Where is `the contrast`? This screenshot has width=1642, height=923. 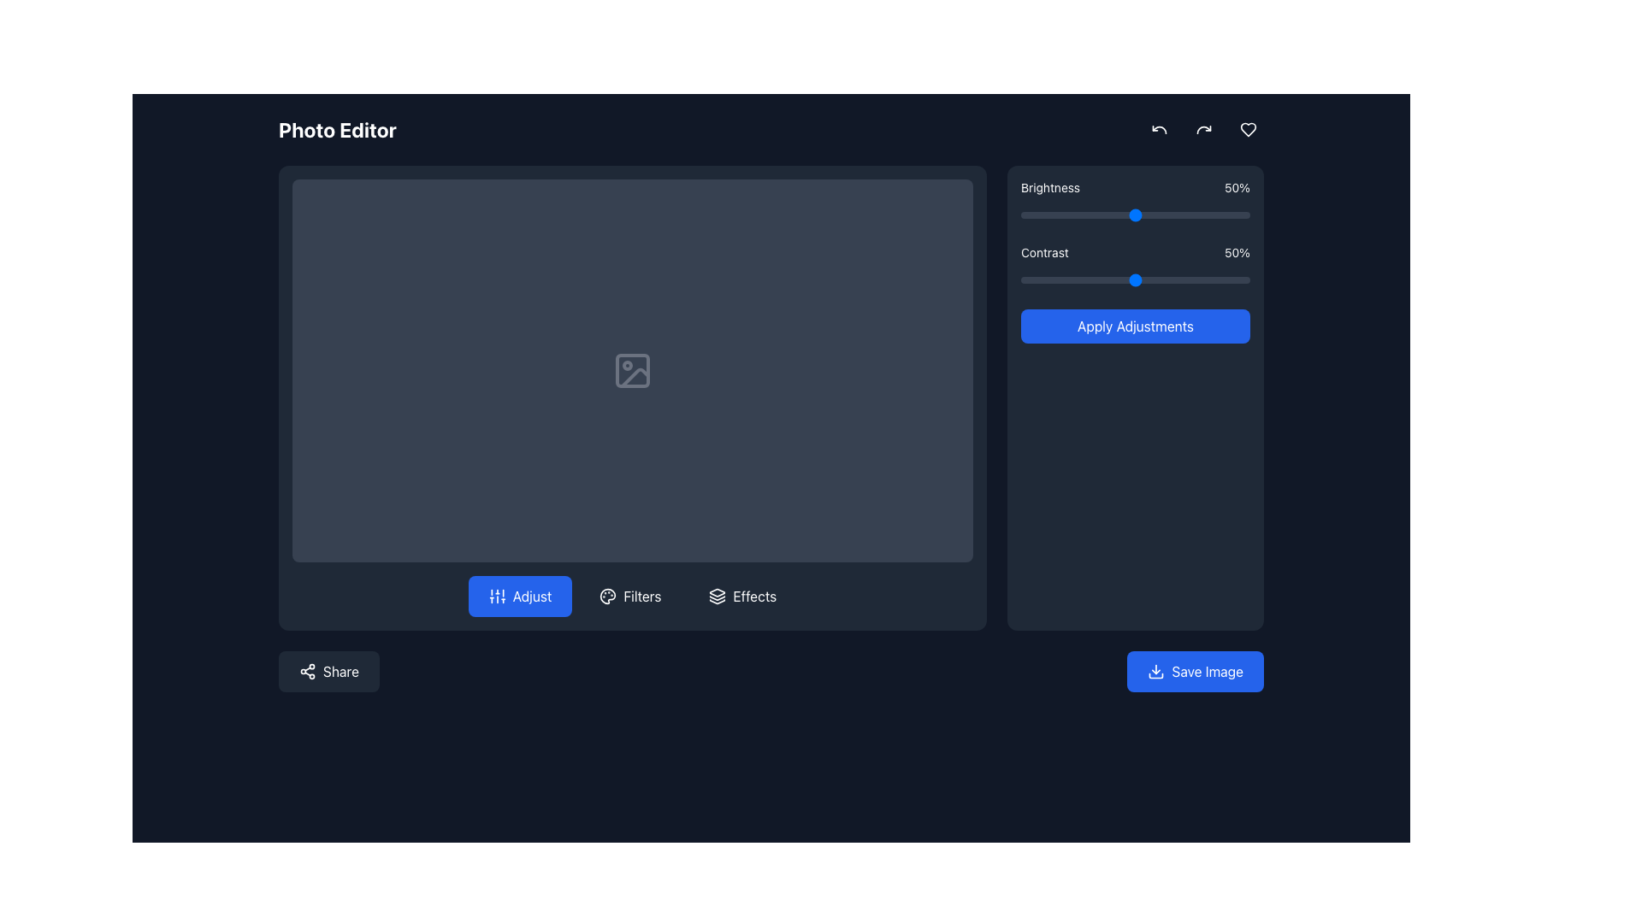 the contrast is located at coordinates (1029, 279).